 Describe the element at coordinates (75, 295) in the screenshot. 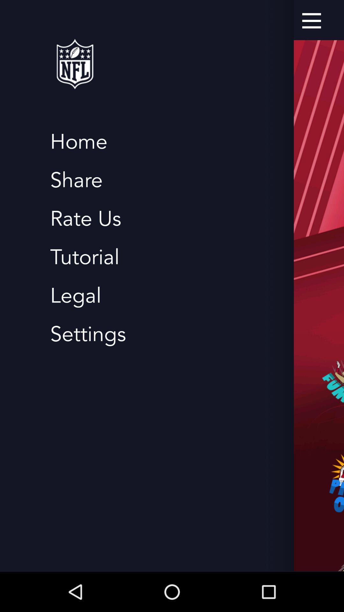

I see `legal item` at that location.